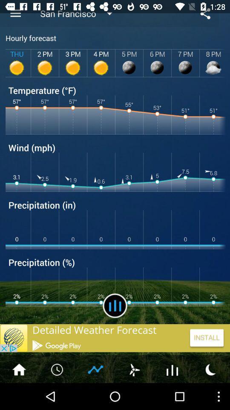  I want to click on the time icon, so click(57, 395).